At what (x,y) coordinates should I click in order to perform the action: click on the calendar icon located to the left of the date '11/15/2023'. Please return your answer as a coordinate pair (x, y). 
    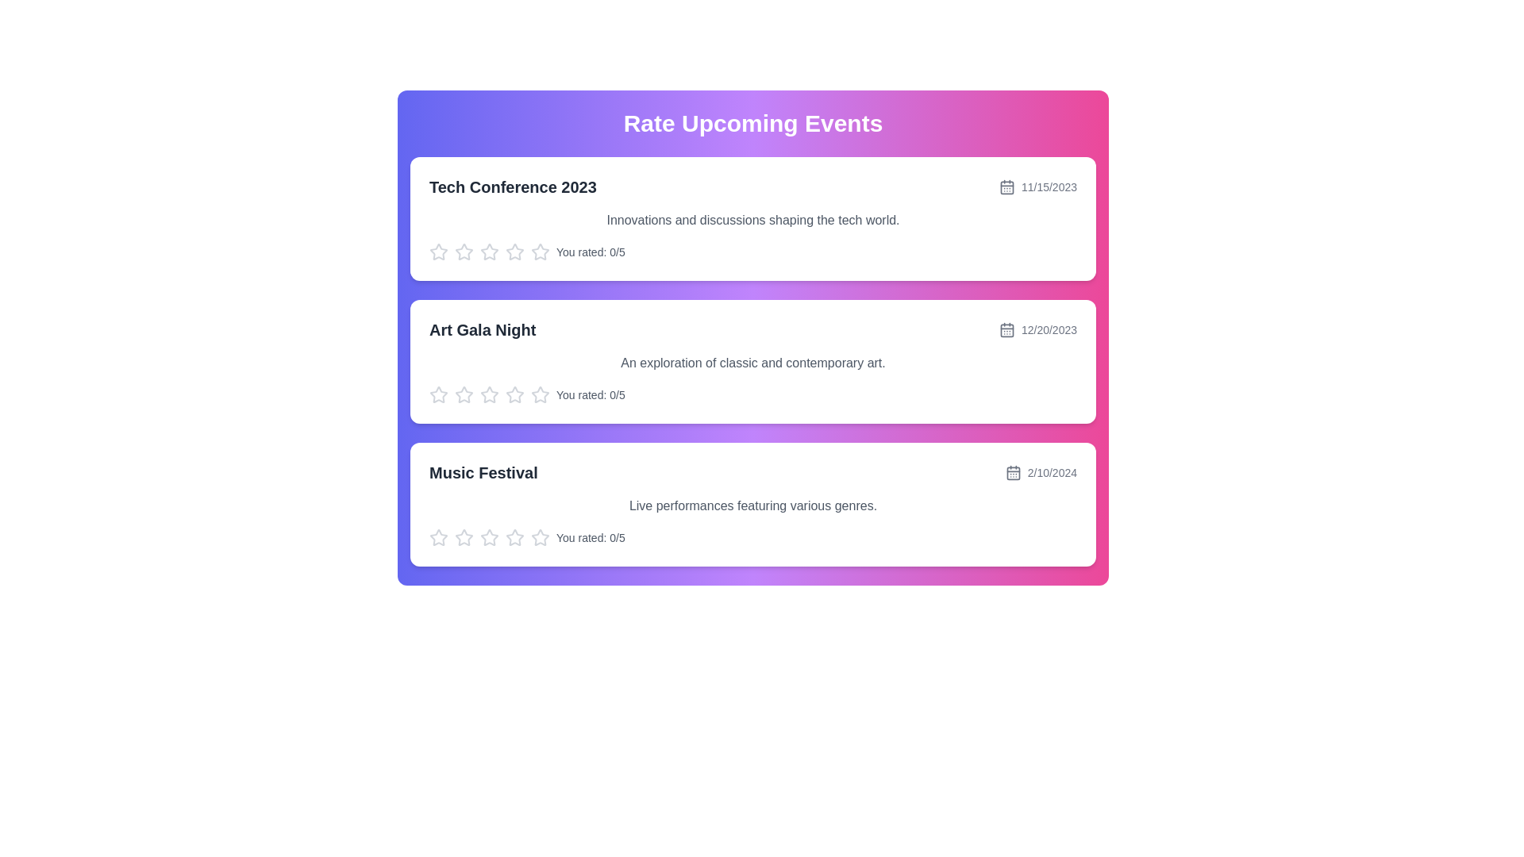
    Looking at the image, I should click on (1005, 186).